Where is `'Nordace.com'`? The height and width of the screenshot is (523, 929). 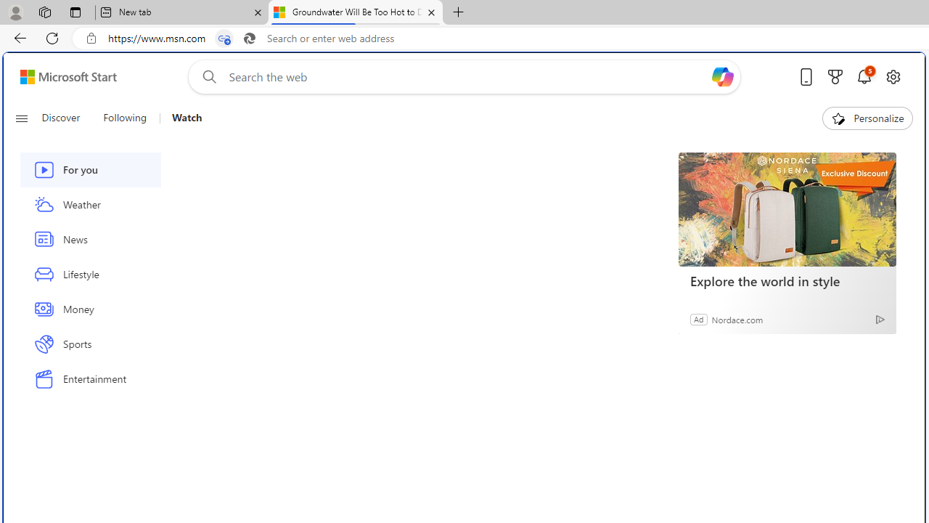
'Nordace.com' is located at coordinates (737, 318).